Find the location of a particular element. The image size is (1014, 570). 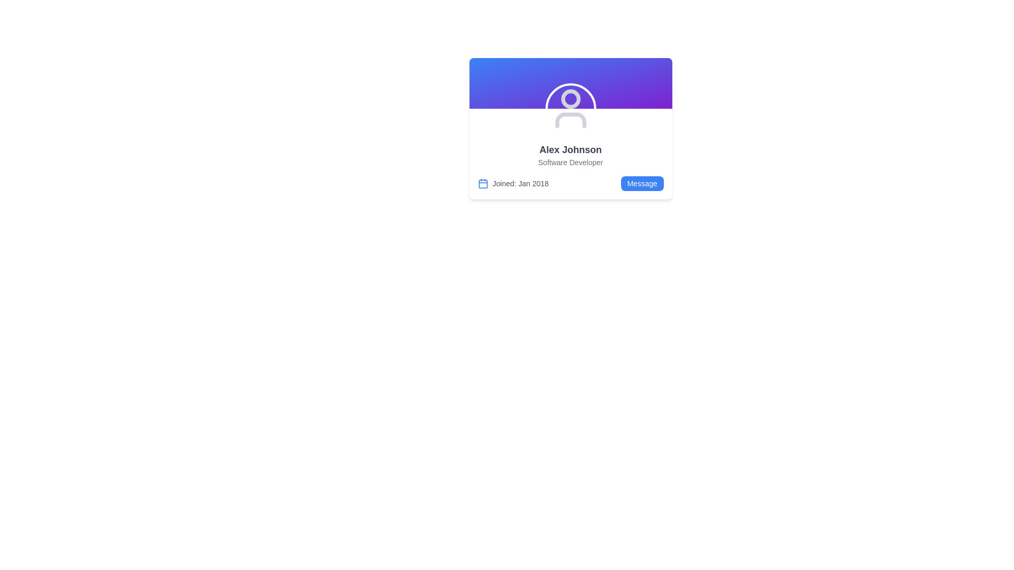

the small blue outlined calendar icon located to the left of the text 'Joined: Jan 2018' is located at coordinates (482, 183).